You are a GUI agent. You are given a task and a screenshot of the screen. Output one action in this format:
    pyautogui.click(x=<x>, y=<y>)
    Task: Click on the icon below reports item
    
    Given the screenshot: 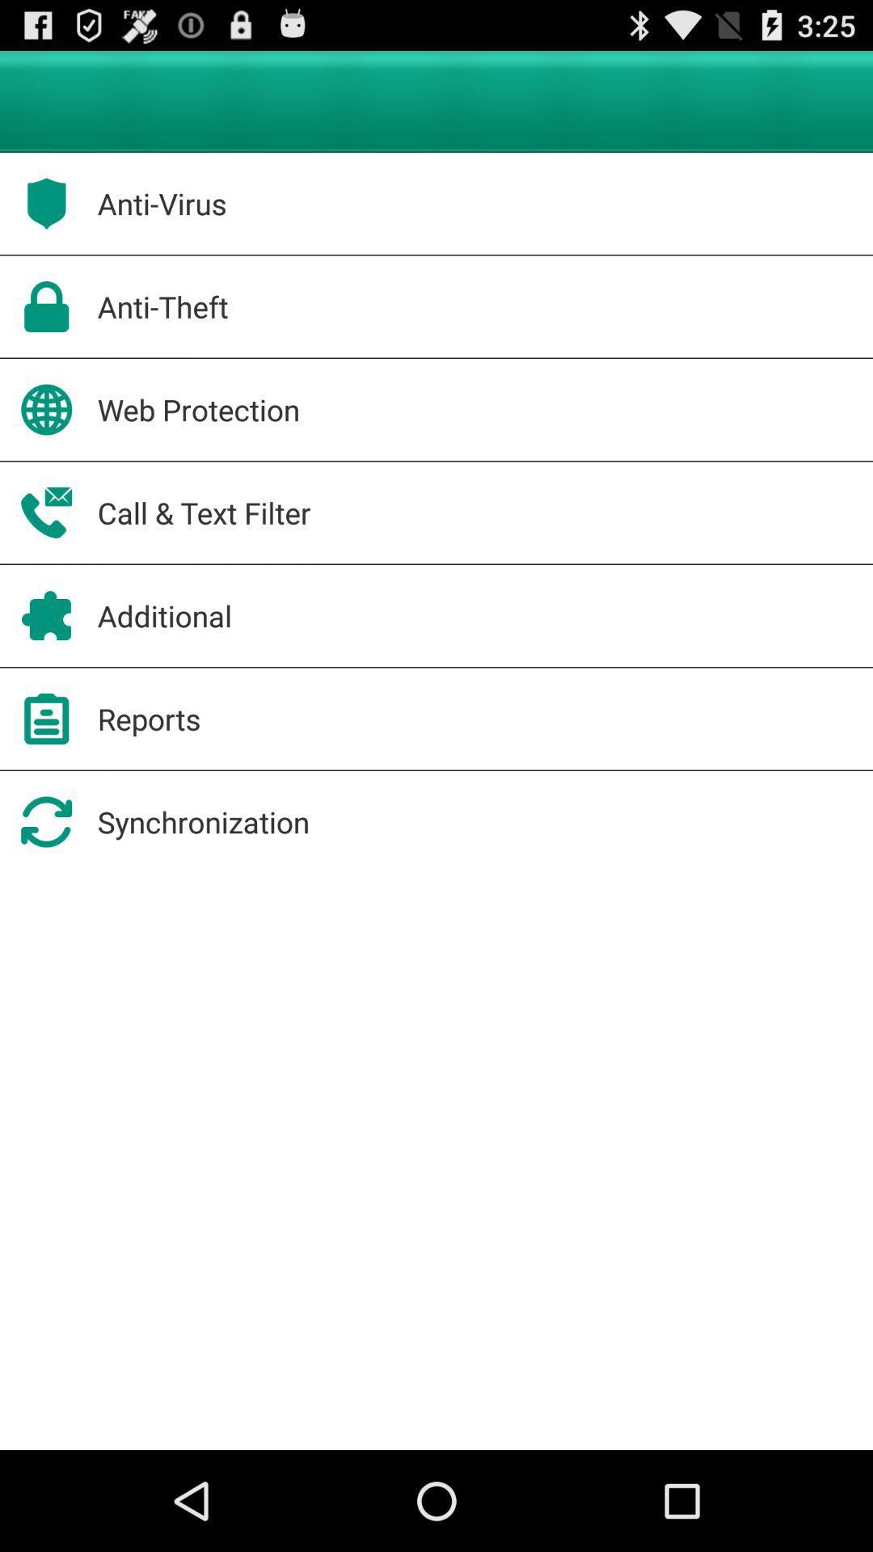 What is the action you would take?
    pyautogui.click(x=202, y=822)
    